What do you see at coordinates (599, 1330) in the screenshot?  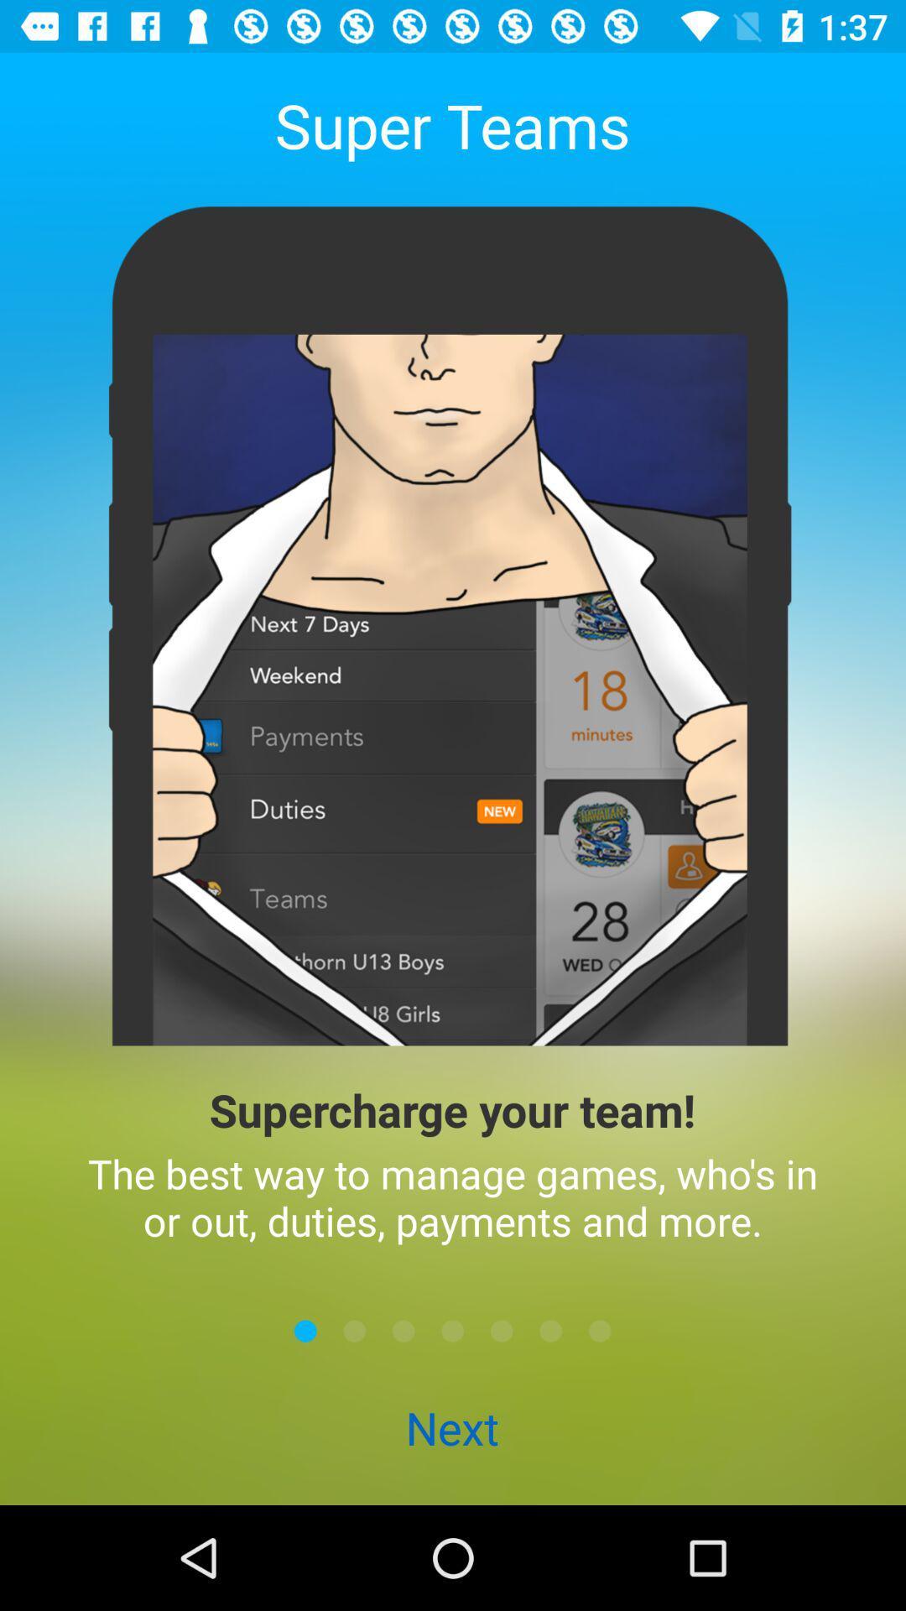 I see `last panel` at bounding box center [599, 1330].